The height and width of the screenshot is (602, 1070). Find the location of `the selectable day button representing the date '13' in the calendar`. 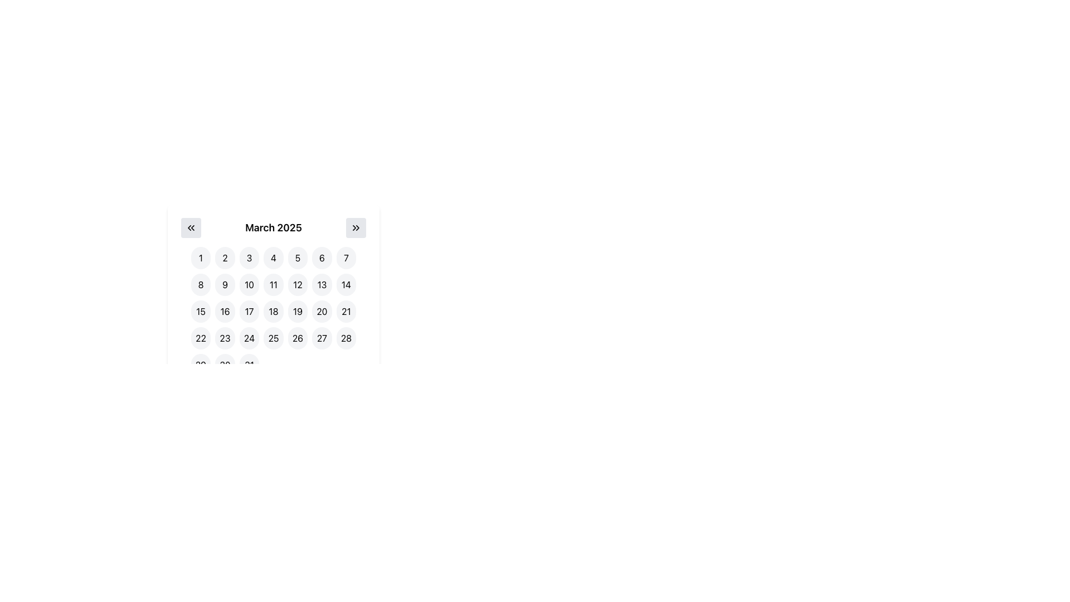

the selectable day button representing the date '13' in the calendar is located at coordinates (321, 284).